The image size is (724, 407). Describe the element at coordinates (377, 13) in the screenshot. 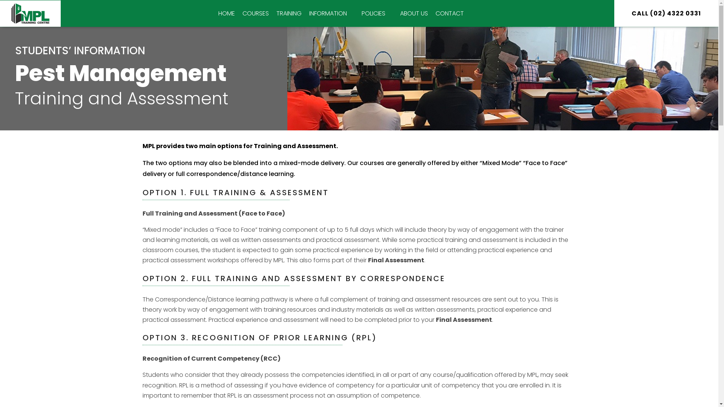

I see `'POLICIES'` at that location.